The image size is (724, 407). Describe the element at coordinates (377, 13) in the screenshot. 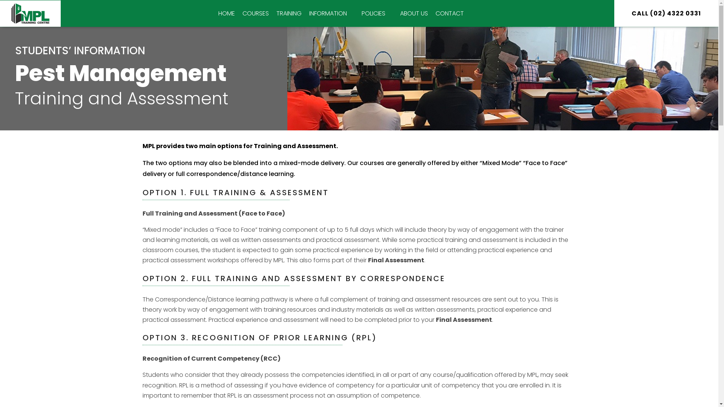

I see `'POLICIES'` at that location.